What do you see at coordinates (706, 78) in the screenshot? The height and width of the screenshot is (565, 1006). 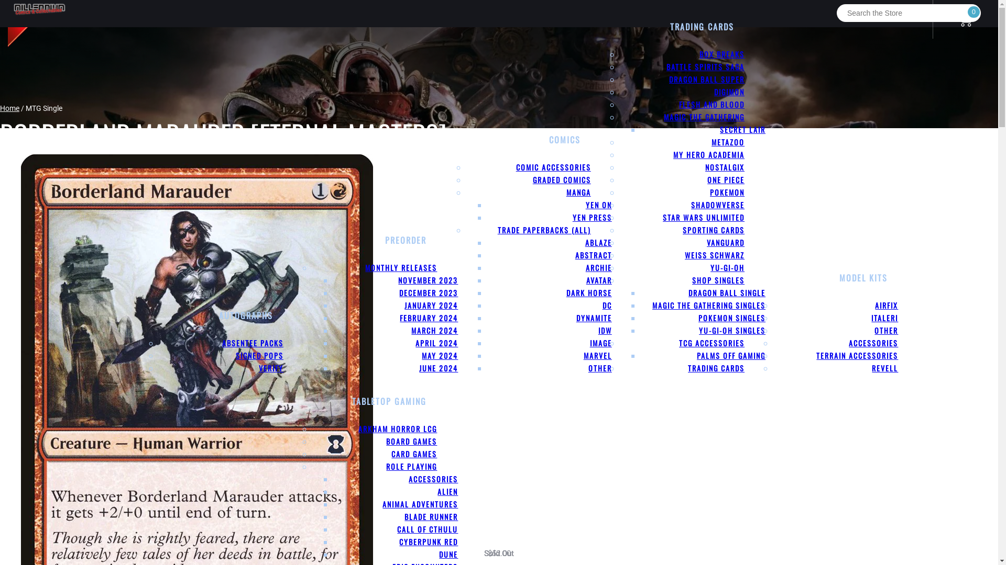 I see `'DRAGON BALL SUPER'` at bounding box center [706, 78].